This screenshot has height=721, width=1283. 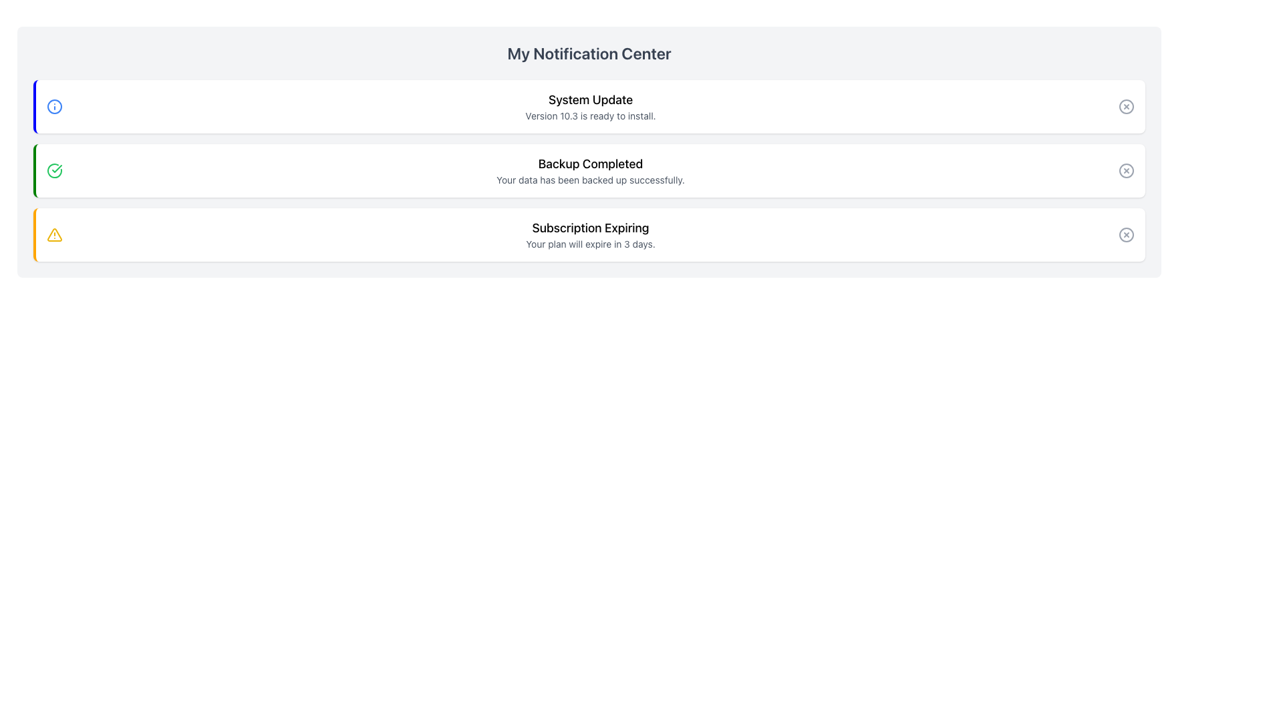 I want to click on text label stating 'Version 10.3 is ready to install.' located below the 'System Update' title in the notification center, so click(x=589, y=115).